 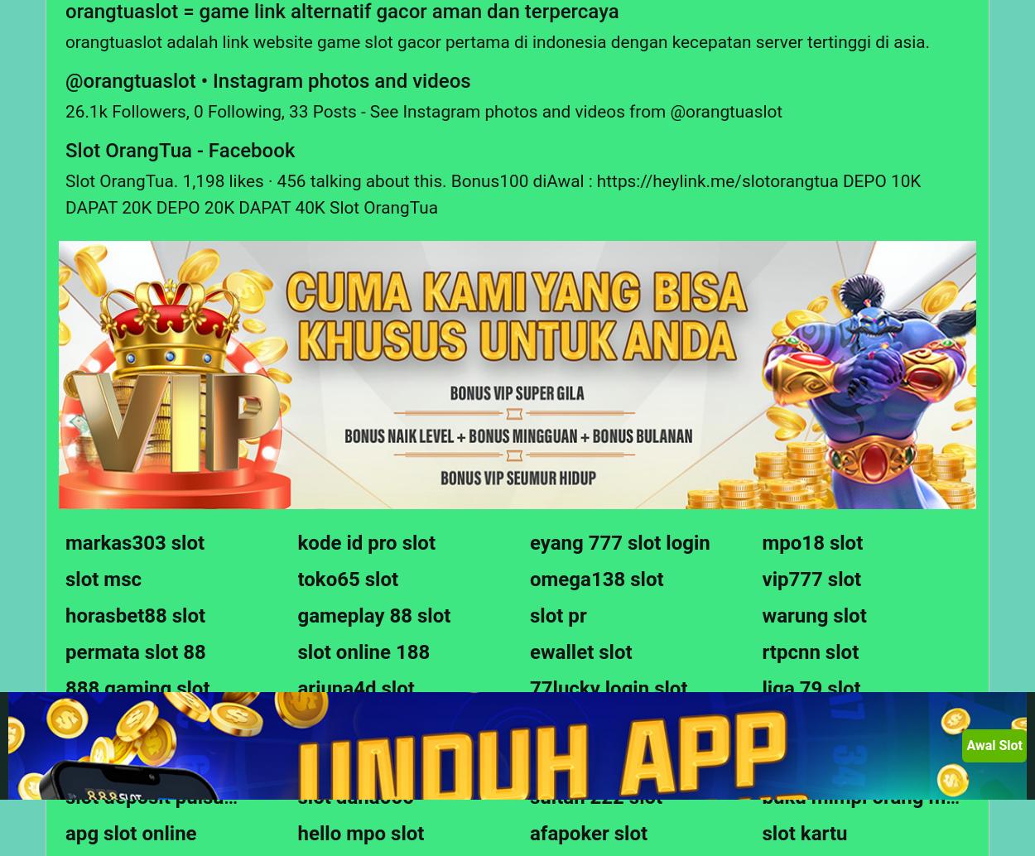 I want to click on 'mpo18 slot', so click(x=811, y=542).